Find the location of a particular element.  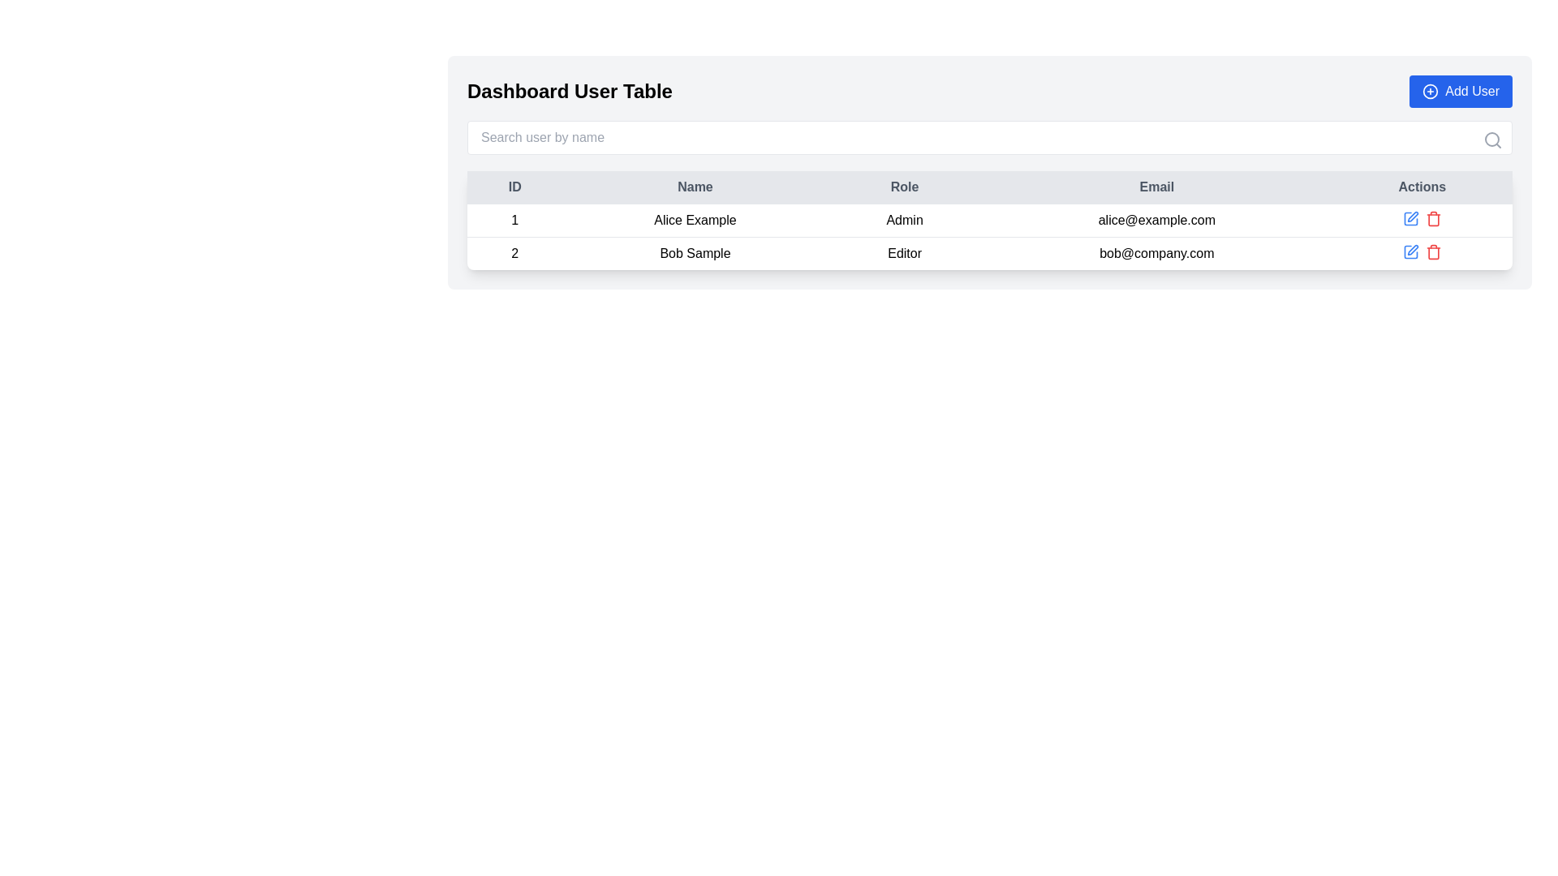

the 'Role' column header, which is the third header in a five-column table, positioned between the 'Name' column header and the 'Email' column header is located at coordinates (904, 187).